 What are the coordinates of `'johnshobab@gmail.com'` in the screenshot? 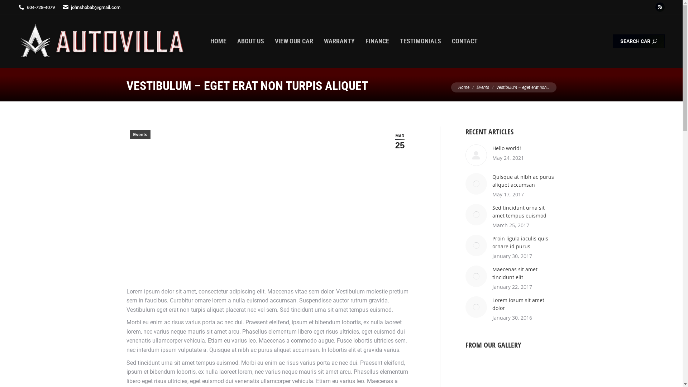 It's located at (91, 7).